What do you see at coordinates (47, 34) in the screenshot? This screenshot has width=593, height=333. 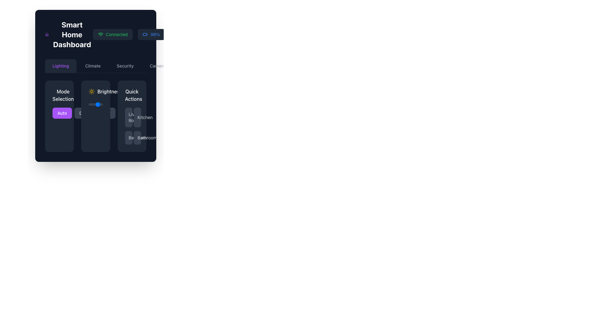 I see `the house icon in the title bar, which is filled with purple and located to the left of the 'Smart Home Dashboard' text` at bounding box center [47, 34].